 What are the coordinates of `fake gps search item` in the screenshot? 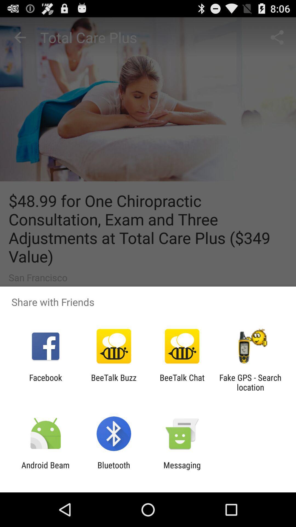 It's located at (250, 382).